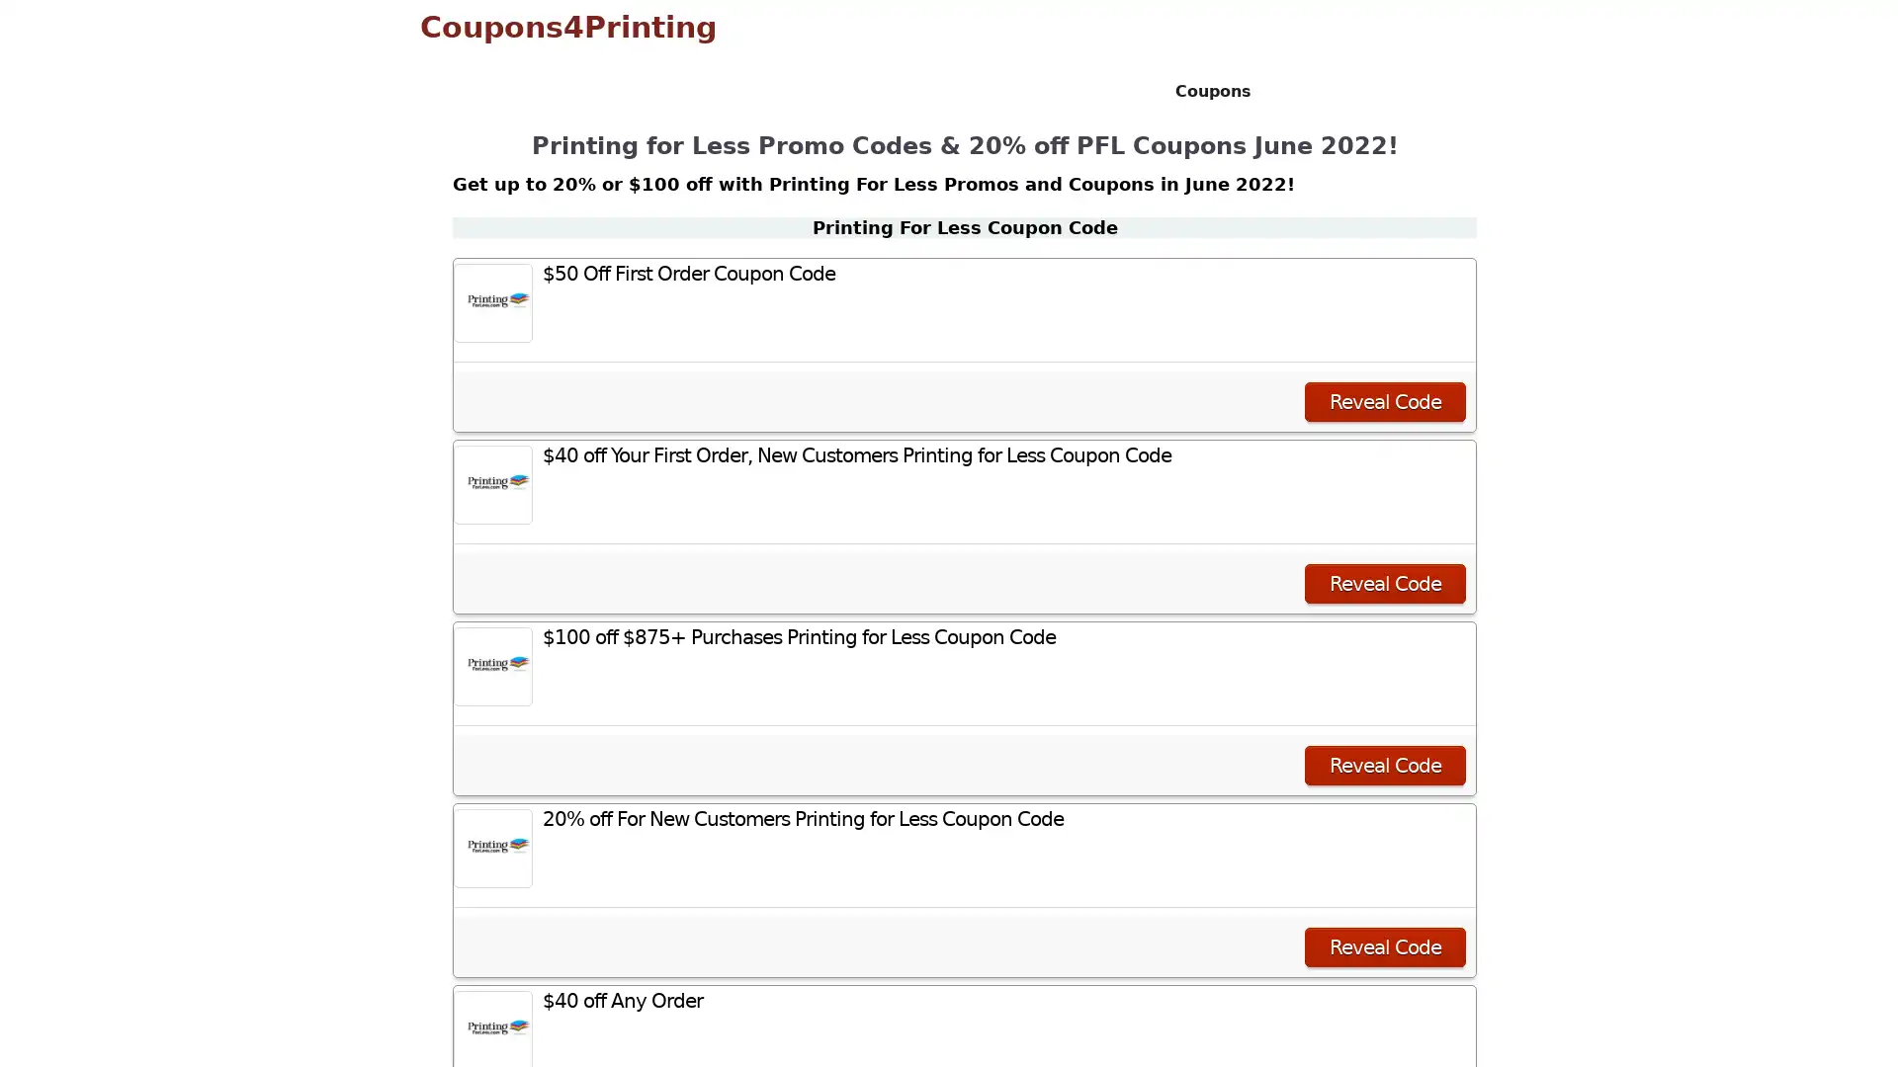  Describe the element at coordinates (1384, 765) in the screenshot. I see `Reveal Code` at that location.